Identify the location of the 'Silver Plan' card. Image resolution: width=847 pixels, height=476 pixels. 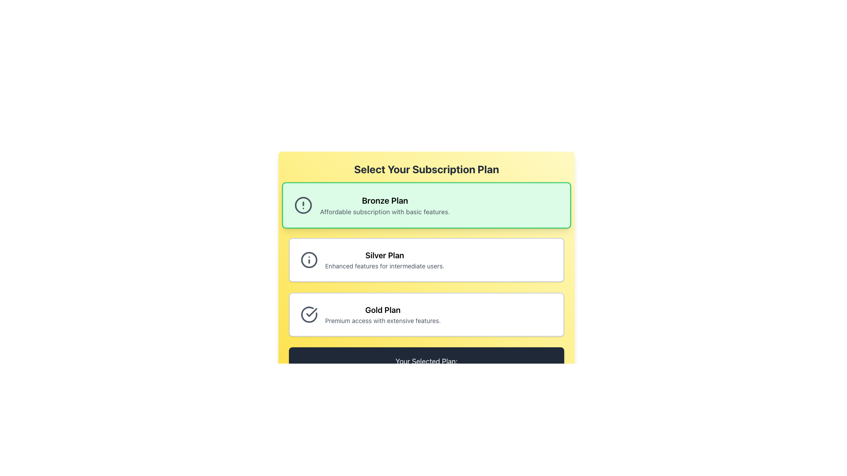
(426, 260).